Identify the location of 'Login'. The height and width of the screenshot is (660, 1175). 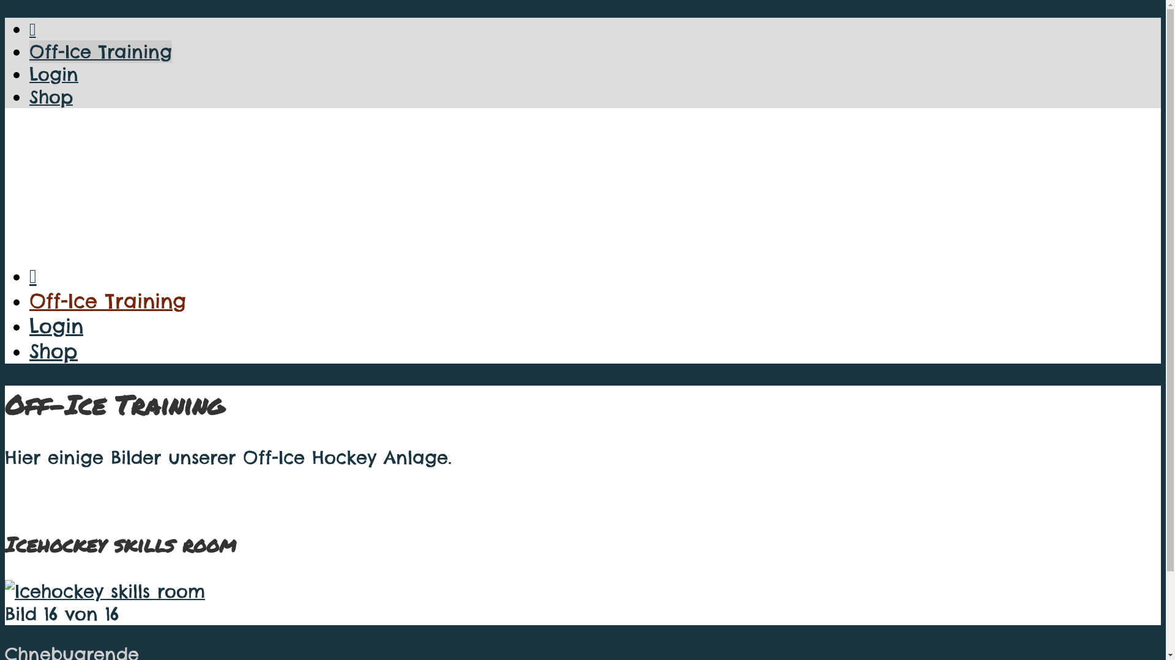
(55, 325).